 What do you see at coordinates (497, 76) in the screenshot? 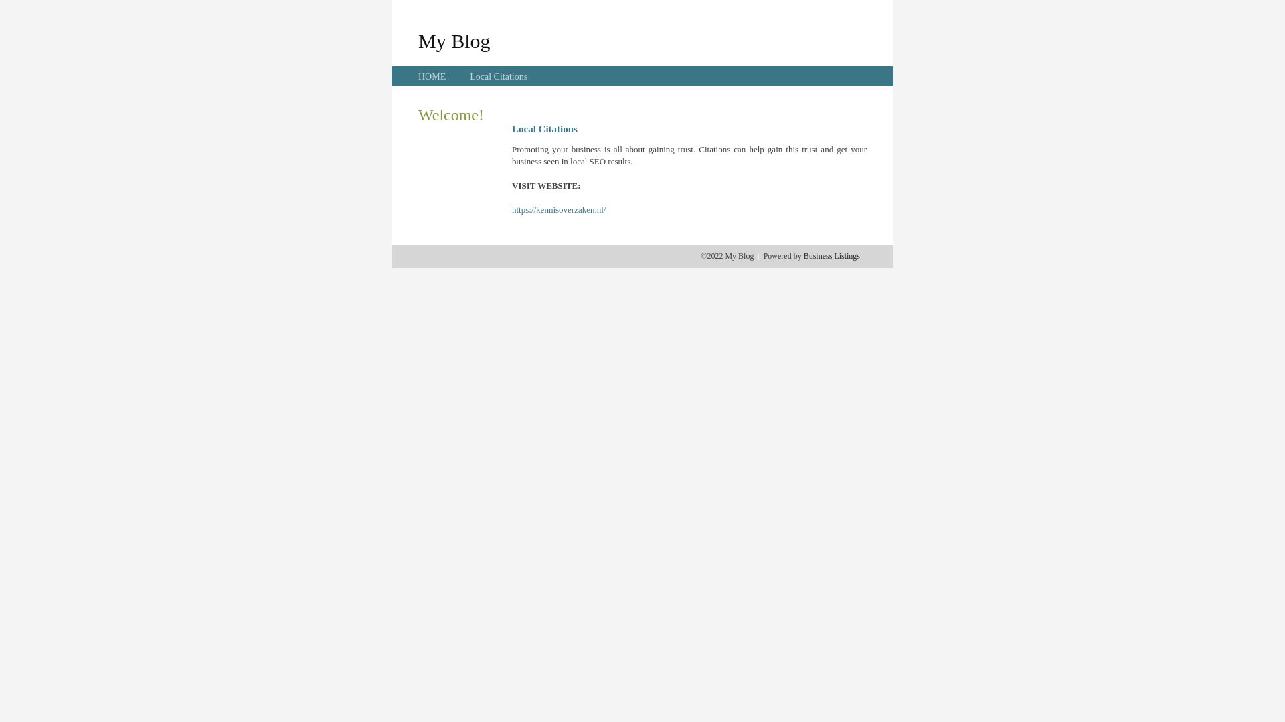
I see `'Local Citations'` at bounding box center [497, 76].